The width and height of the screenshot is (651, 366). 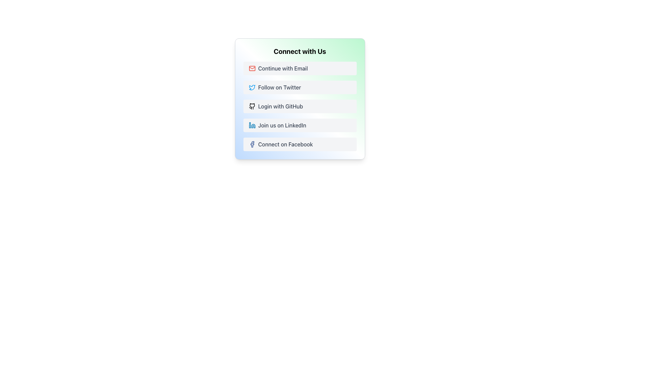 I want to click on the GitHub logo icon, which is a black vector graphic shaped like a cat silhouette, located within the 'Login with GitHub' button in the third row of social login options, so click(x=252, y=106).